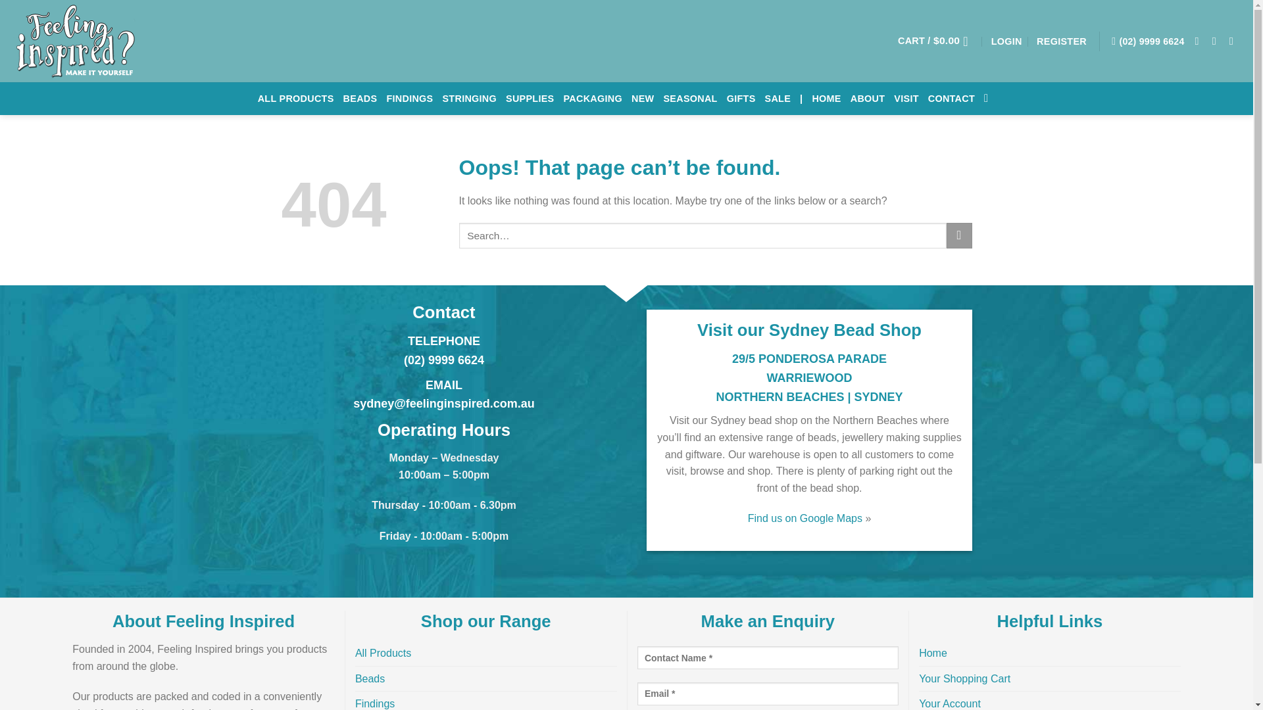 The width and height of the screenshot is (1263, 710). What do you see at coordinates (444, 402) in the screenshot?
I see `'sydney@feelinginspired.com.au'` at bounding box center [444, 402].